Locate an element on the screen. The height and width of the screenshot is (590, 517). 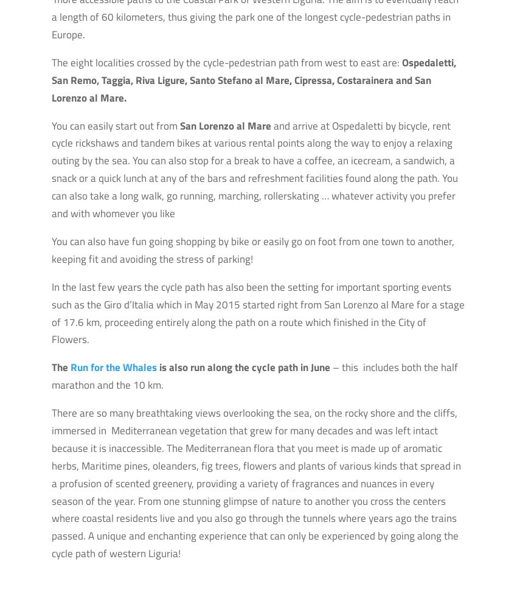
'In the last few years the cycle path has also been the setting for important sporting events such as the Giro d’Italia which in May 2015 started right from San Lorenzo al Mare for a stage of 17.6 km, proceeding entirely along the path on a route which finished in the City of Flowers.' is located at coordinates (258, 313).